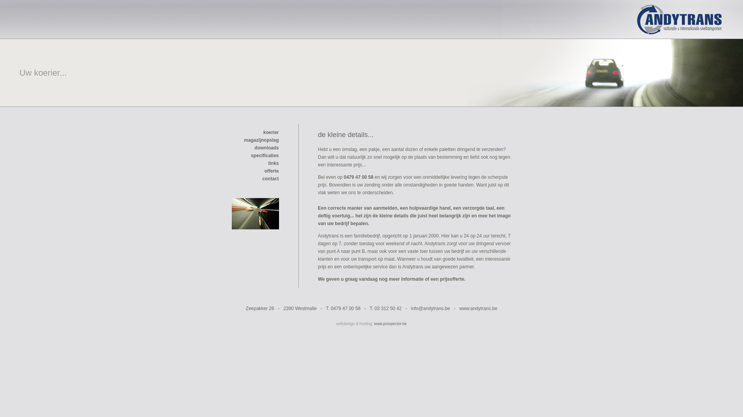 The height and width of the screenshot is (417, 743). What do you see at coordinates (251, 155) in the screenshot?
I see `'specificaties'` at bounding box center [251, 155].